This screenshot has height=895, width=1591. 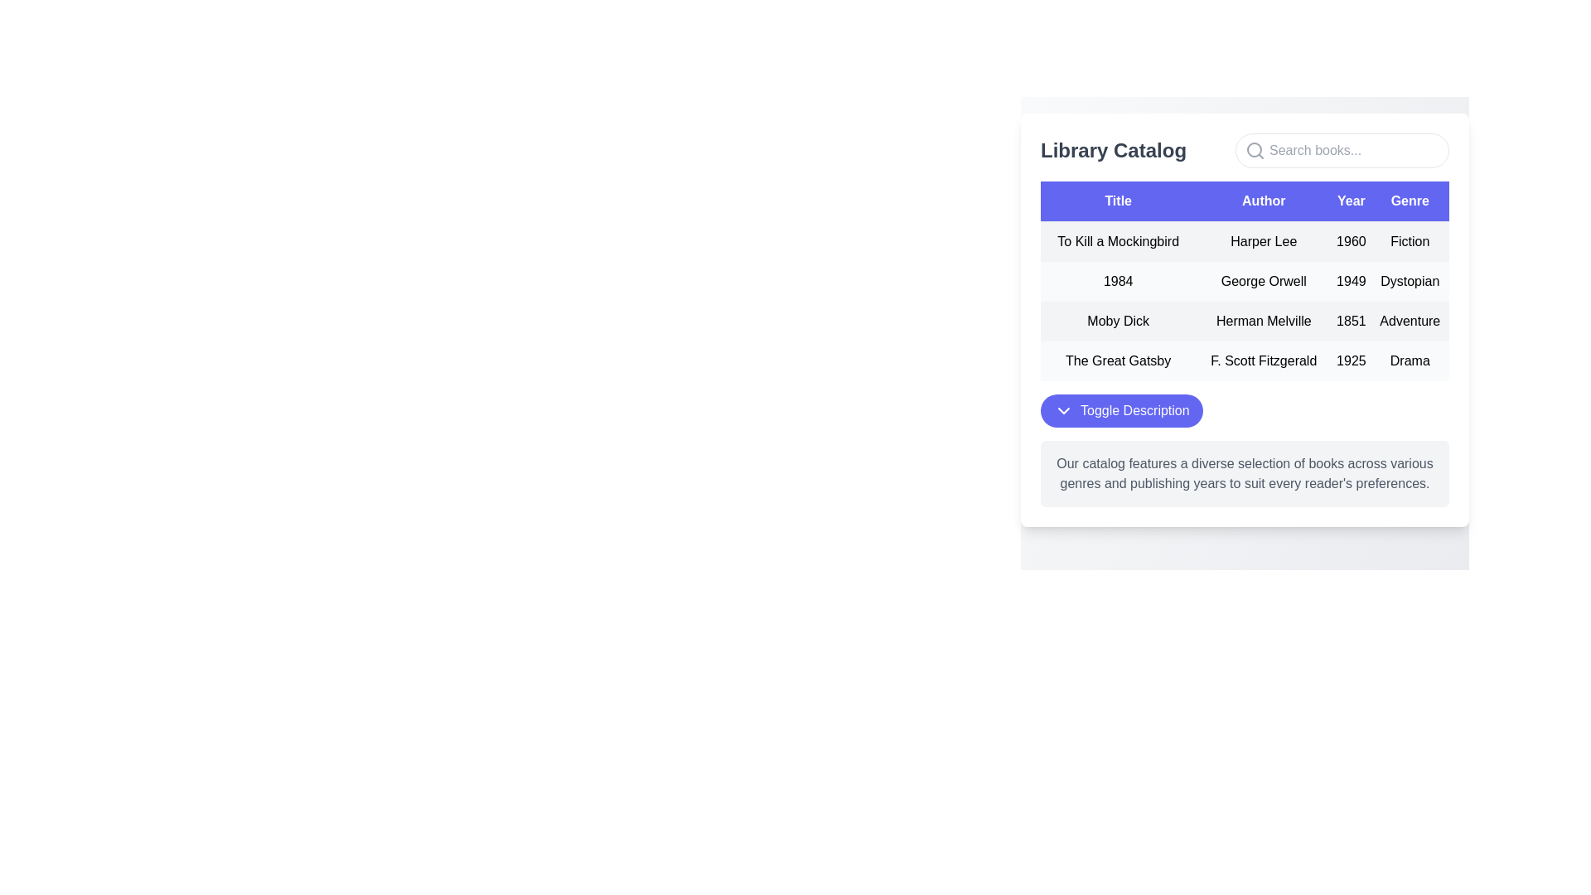 What do you see at coordinates (1118, 360) in the screenshot?
I see `the text element that reads 'The Great Gatsby' located in the 'Library Catalog' section under the 'Title' column in the fourth row of the table` at bounding box center [1118, 360].